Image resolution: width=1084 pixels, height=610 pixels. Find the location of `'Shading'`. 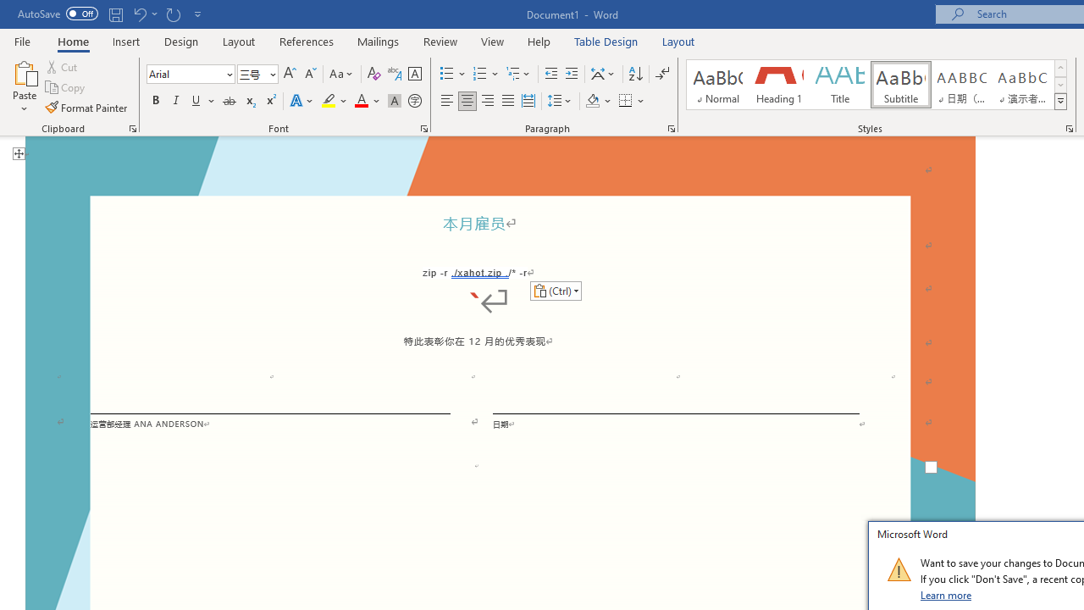

'Shading' is located at coordinates (599, 101).